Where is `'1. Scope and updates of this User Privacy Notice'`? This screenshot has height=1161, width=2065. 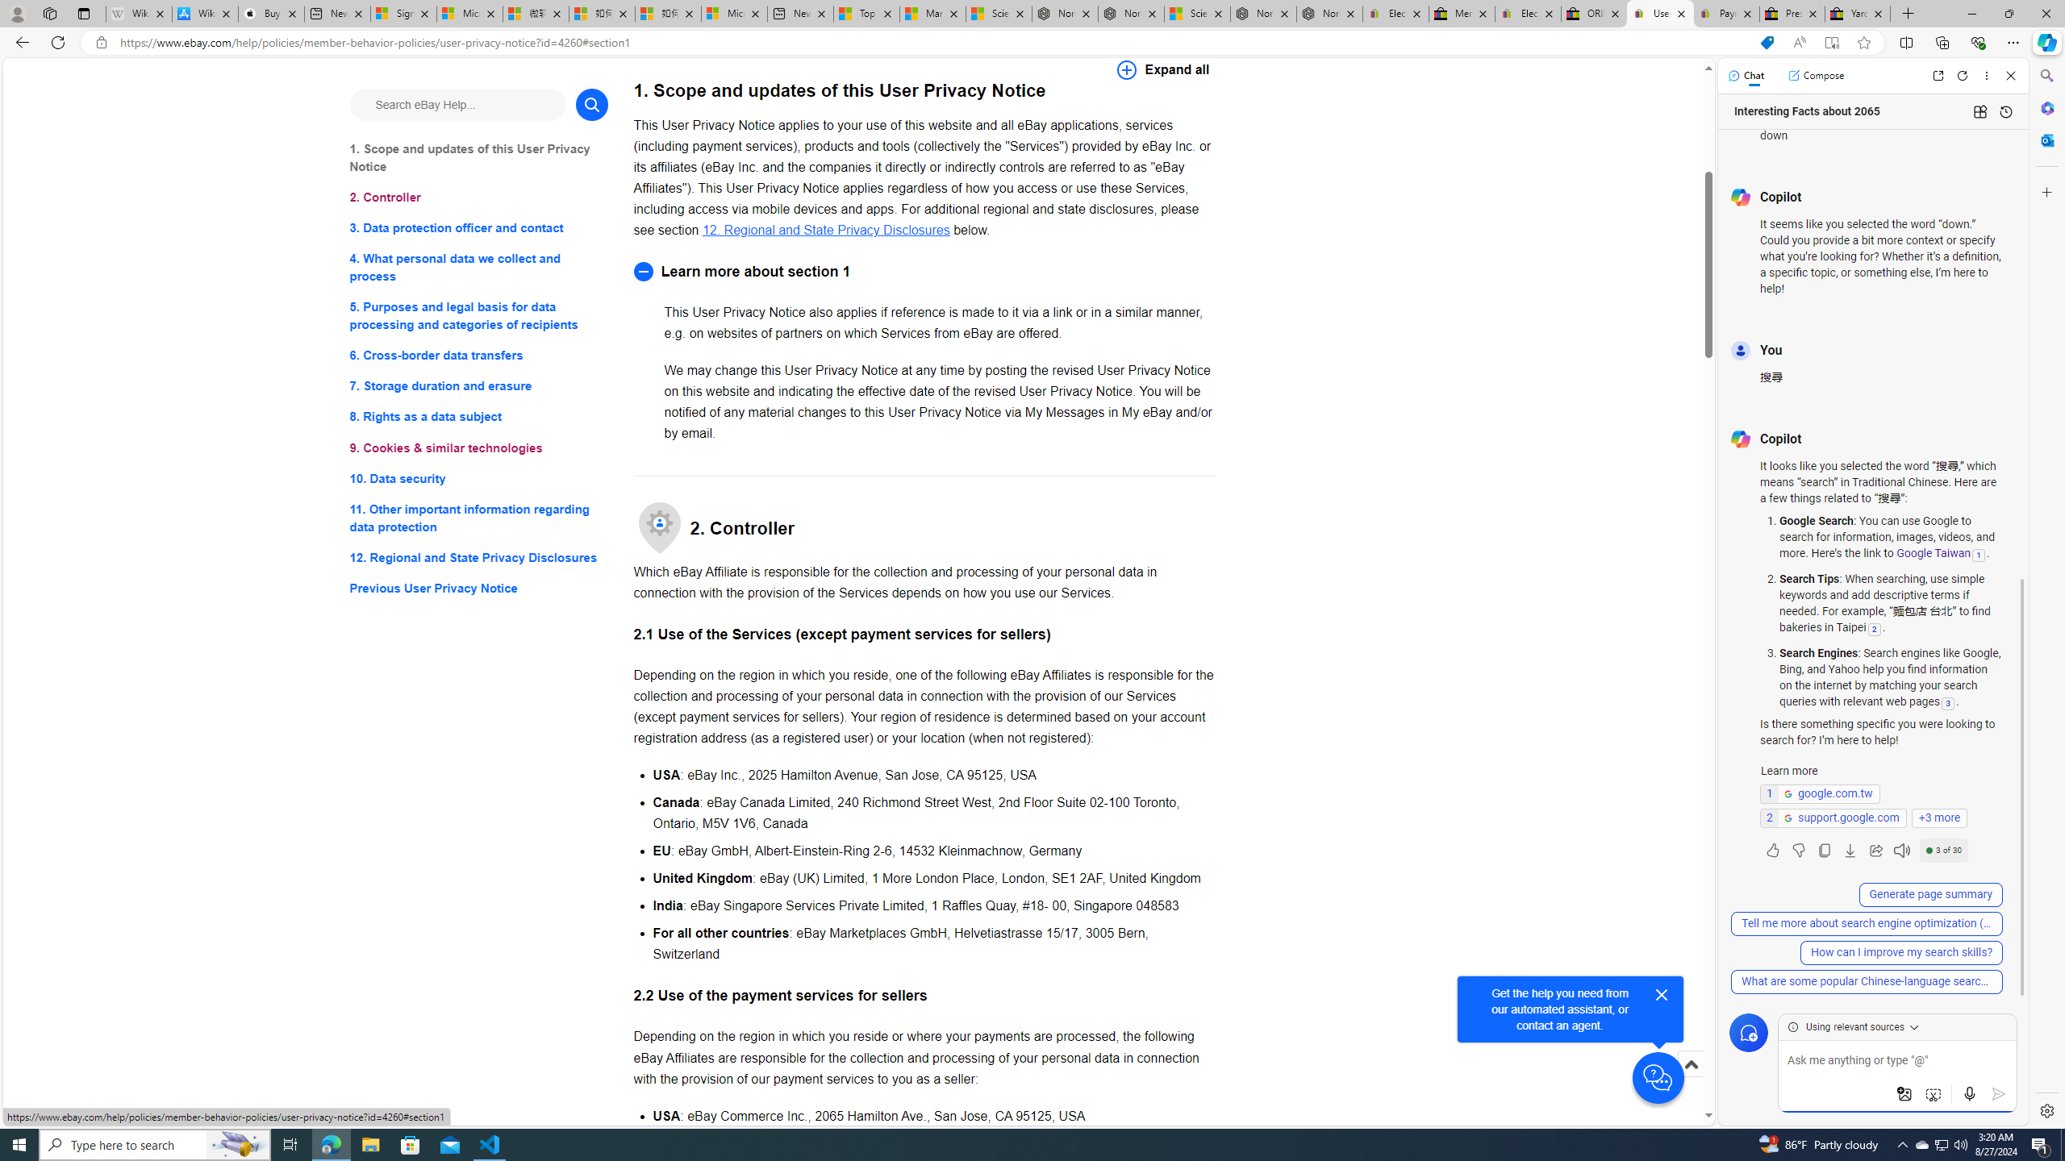
'1. Scope and updates of this User Privacy Notice' is located at coordinates (478, 157).